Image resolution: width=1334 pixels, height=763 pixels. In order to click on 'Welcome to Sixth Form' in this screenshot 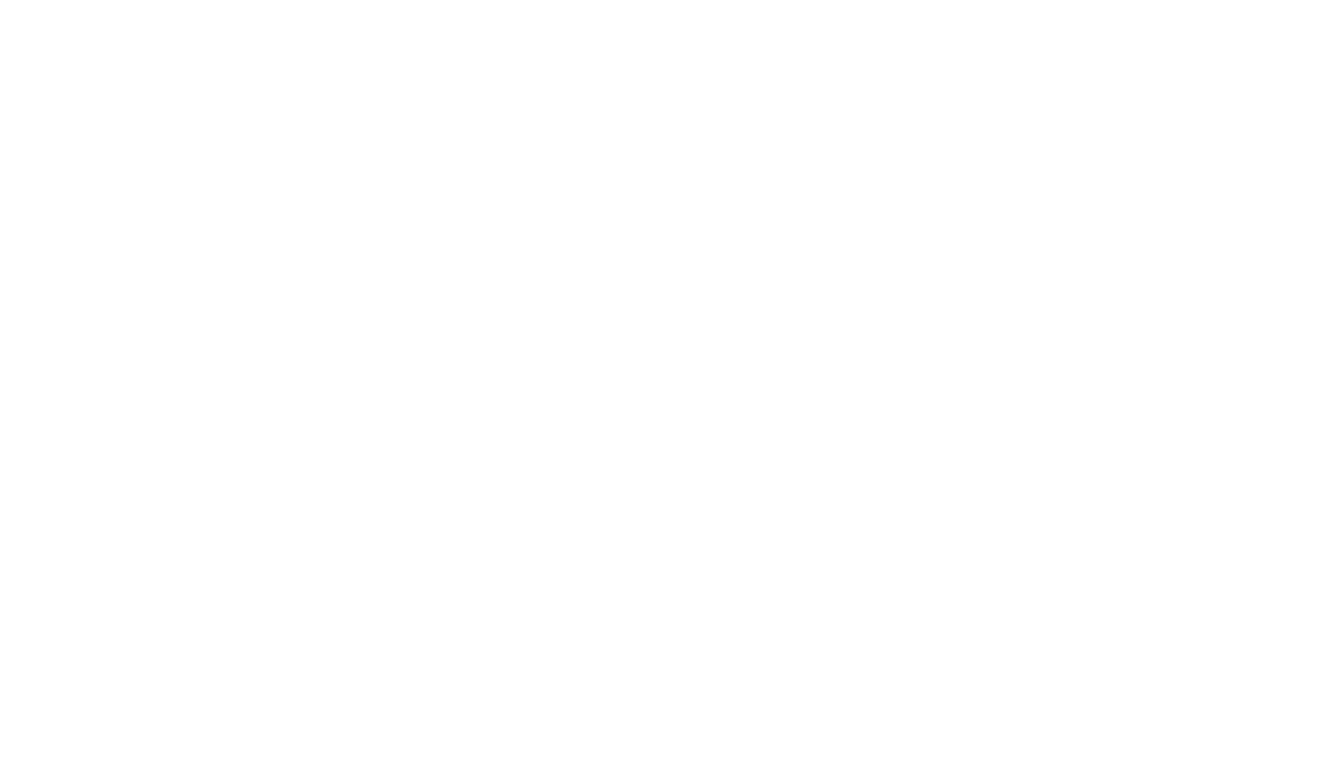, I will do `click(937, 36)`.